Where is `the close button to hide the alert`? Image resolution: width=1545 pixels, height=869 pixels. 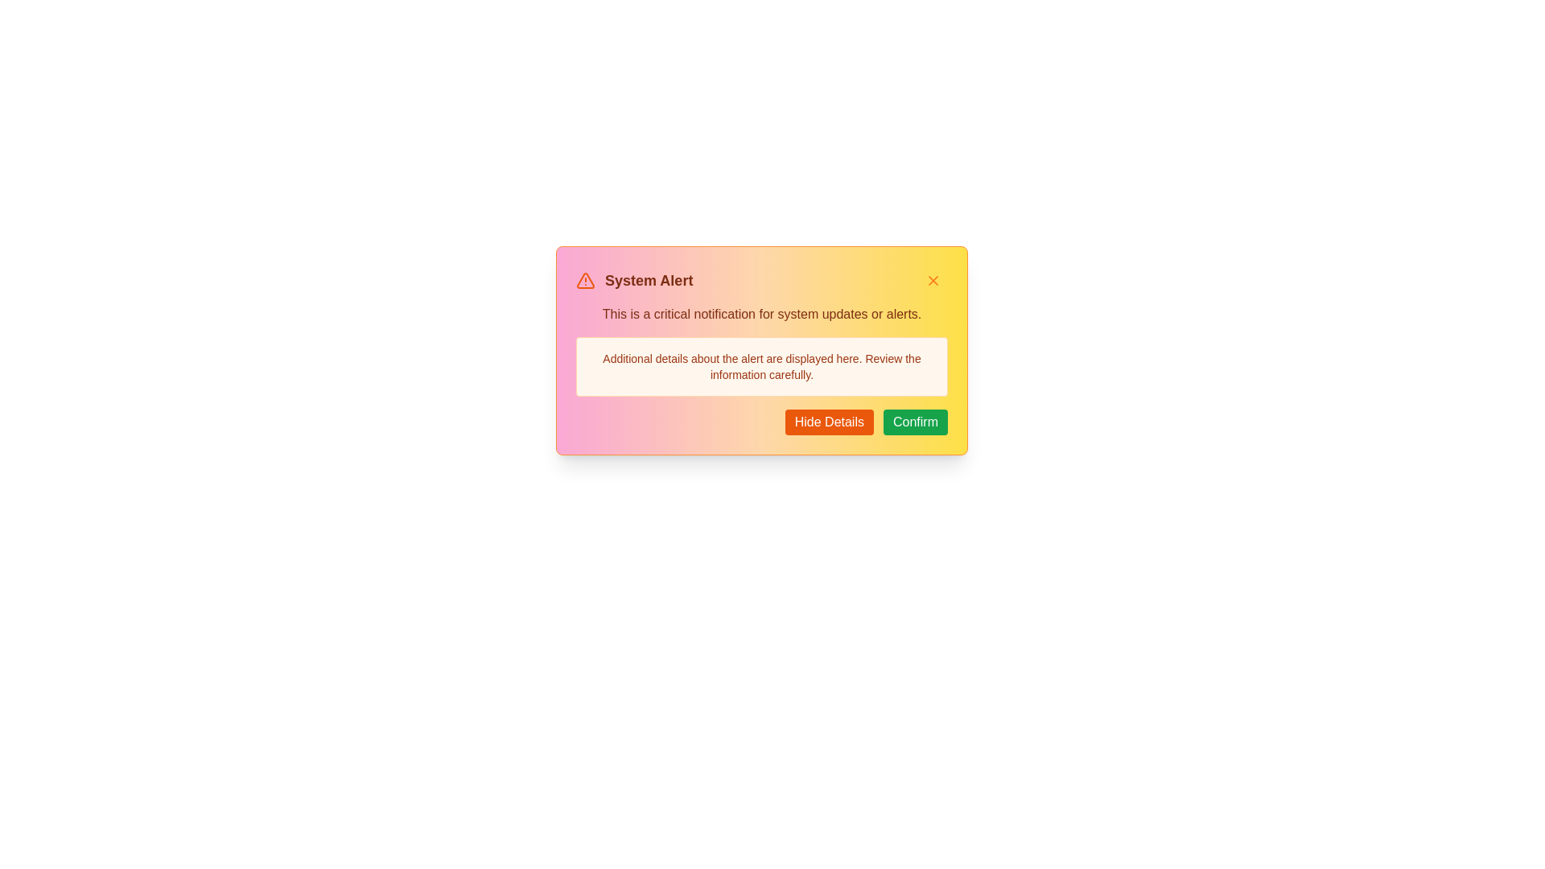 the close button to hide the alert is located at coordinates (933, 279).